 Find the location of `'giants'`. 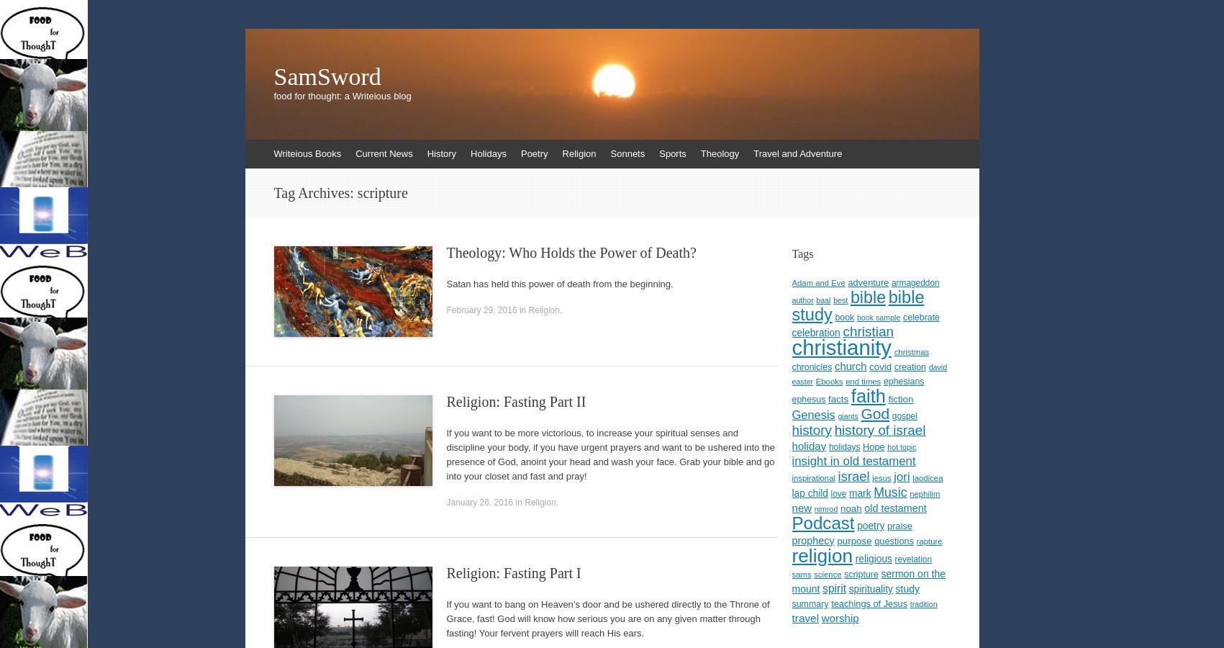

'giants' is located at coordinates (846, 415).